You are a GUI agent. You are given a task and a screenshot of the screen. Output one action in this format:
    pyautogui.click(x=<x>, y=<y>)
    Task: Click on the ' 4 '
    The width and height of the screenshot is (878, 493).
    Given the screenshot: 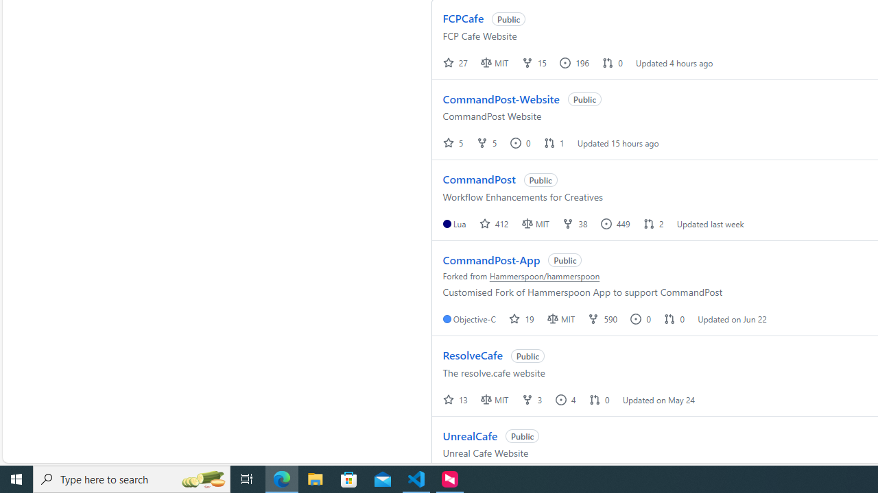 What is the action you would take?
    pyautogui.click(x=567, y=399)
    